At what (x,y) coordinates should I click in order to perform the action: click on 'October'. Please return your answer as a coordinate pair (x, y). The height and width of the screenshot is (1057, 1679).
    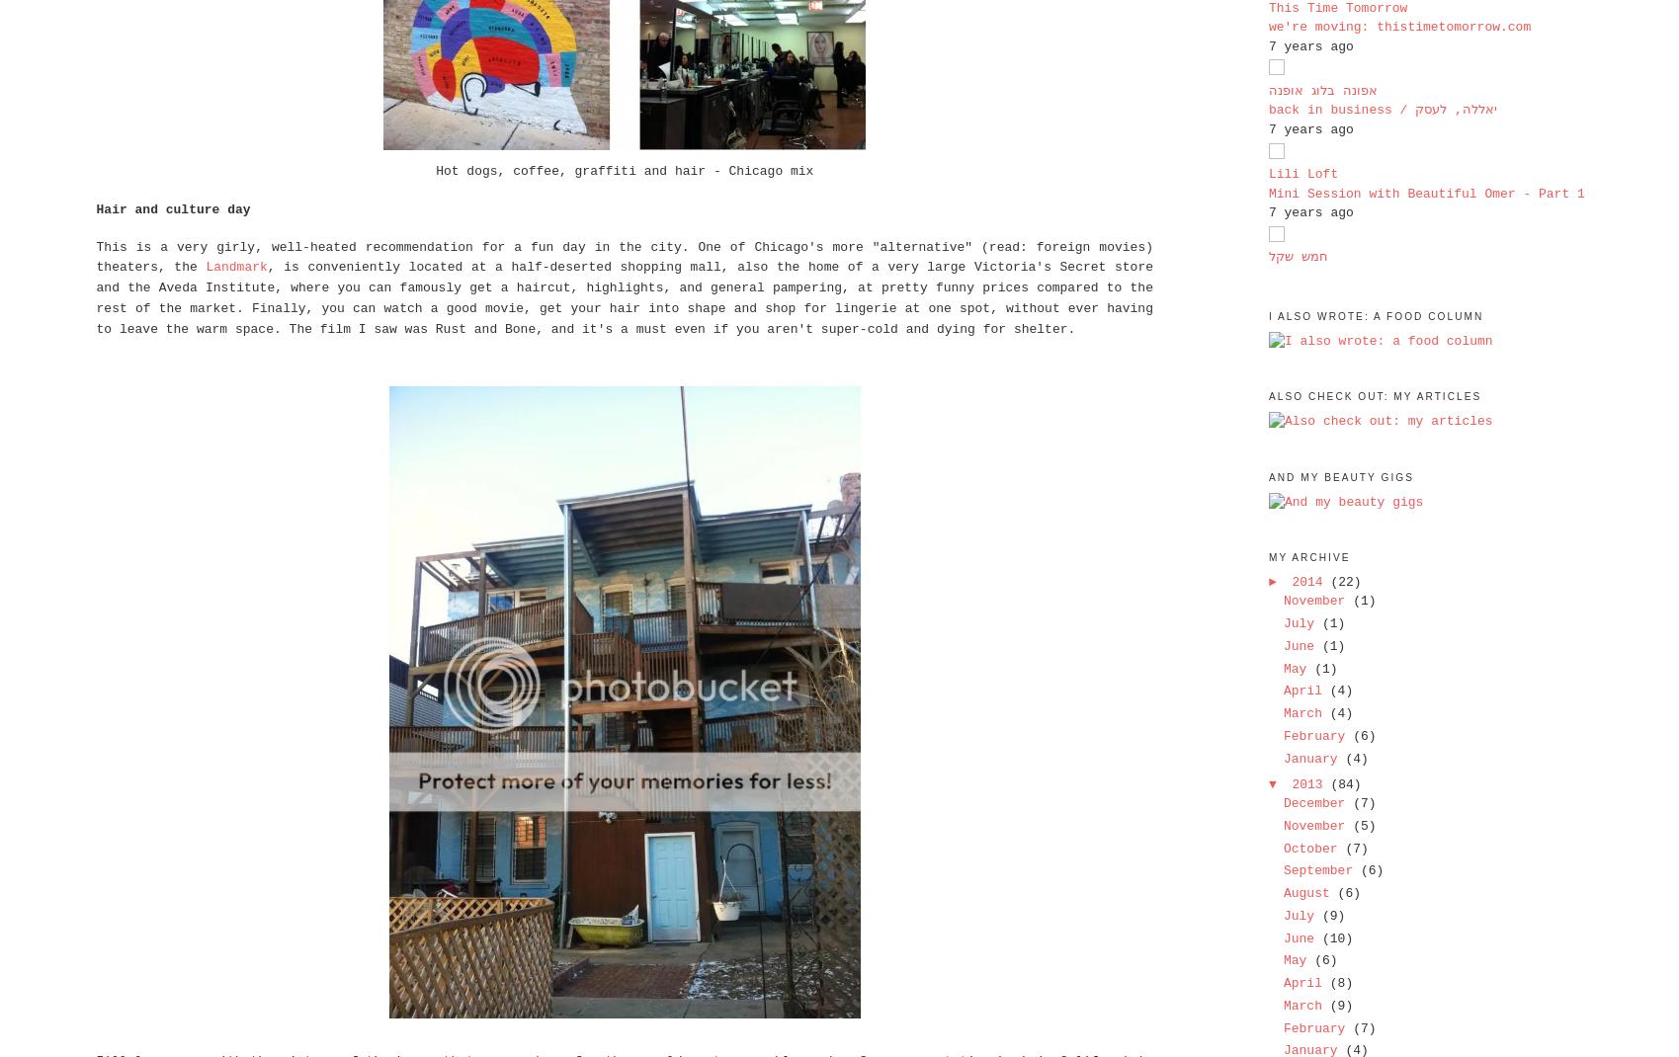
    Looking at the image, I should click on (1313, 848).